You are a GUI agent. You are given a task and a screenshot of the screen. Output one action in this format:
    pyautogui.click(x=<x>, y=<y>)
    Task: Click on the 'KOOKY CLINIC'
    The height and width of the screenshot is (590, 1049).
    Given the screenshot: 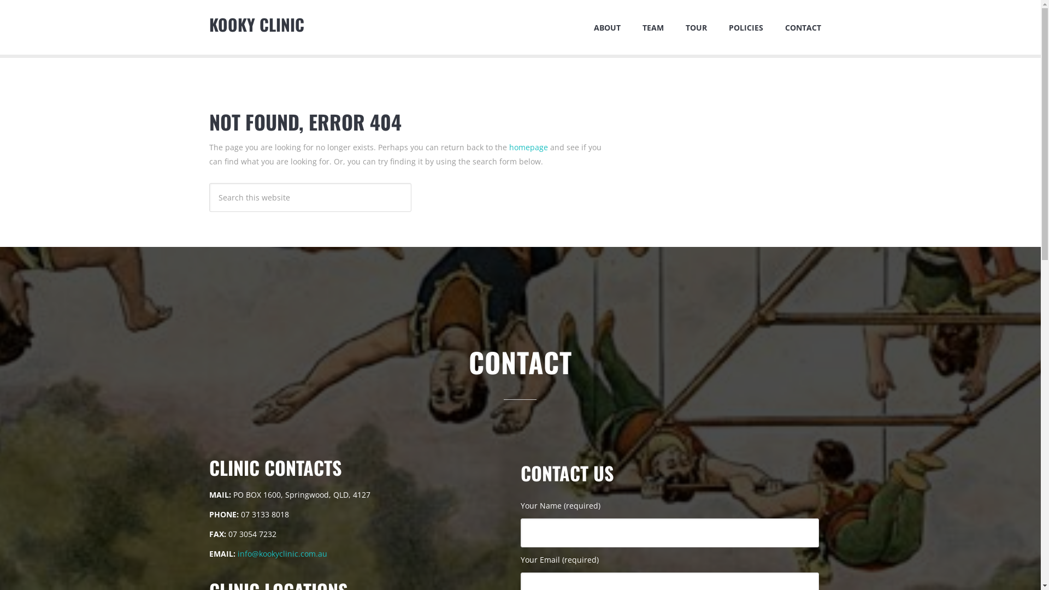 What is the action you would take?
    pyautogui.click(x=256, y=24)
    